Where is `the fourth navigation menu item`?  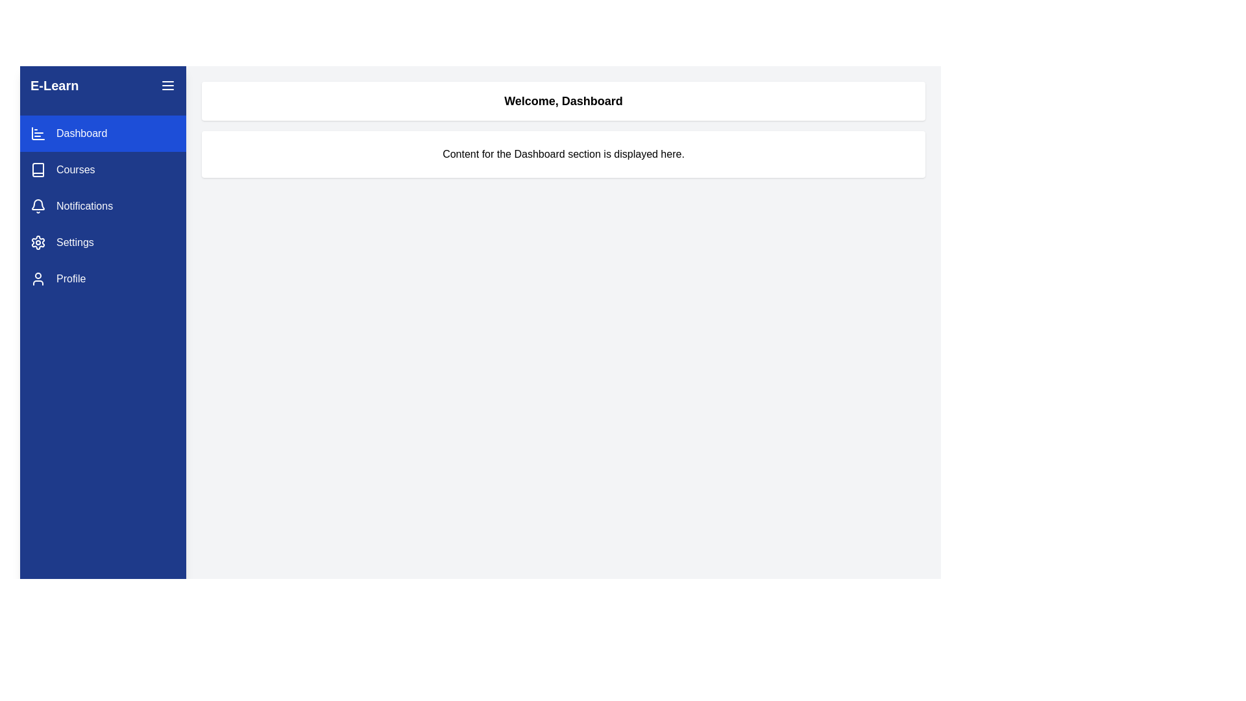 the fourth navigation menu item is located at coordinates (102, 243).